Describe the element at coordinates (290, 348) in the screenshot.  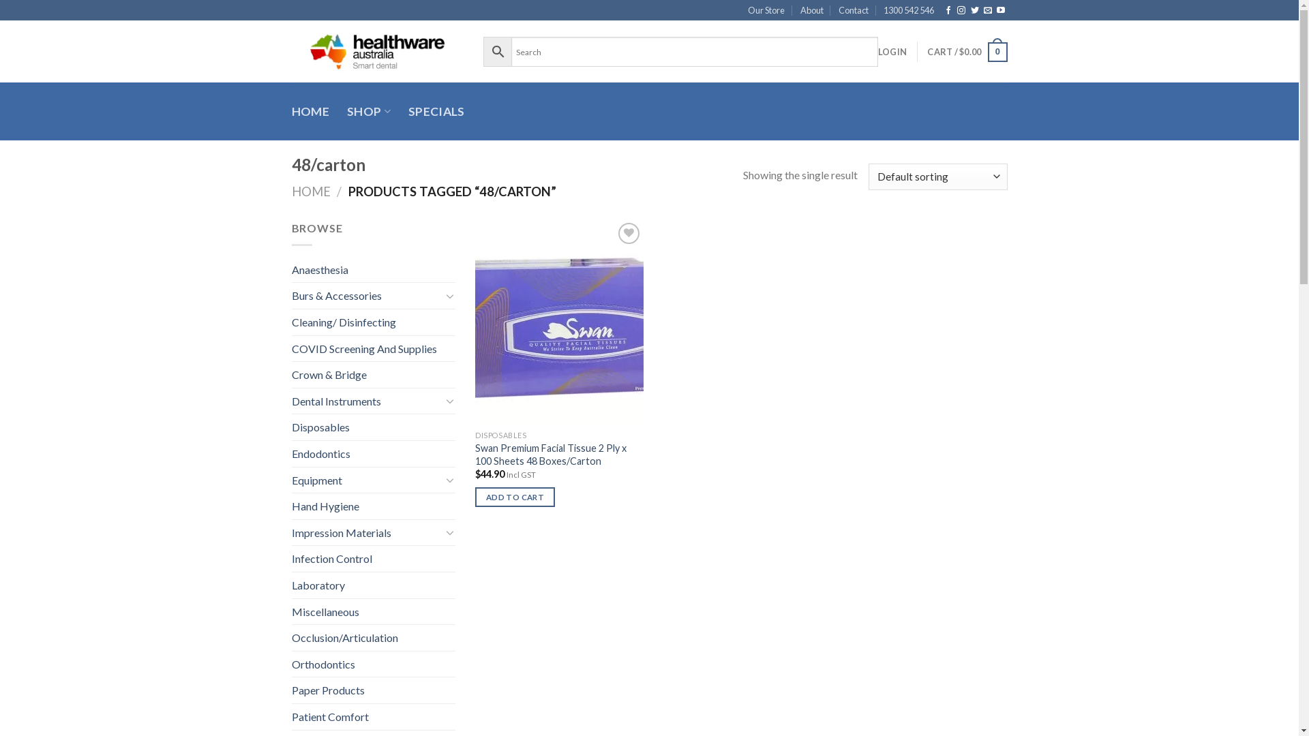
I see `'COVID Screening And Supplies'` at that location.